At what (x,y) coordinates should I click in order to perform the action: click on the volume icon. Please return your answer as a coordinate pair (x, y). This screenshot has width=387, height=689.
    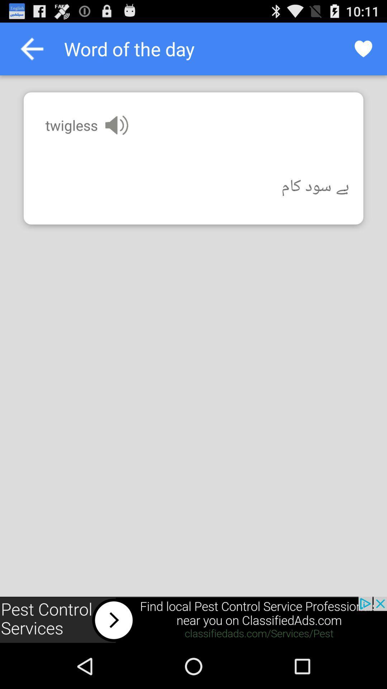
    Looking at the image, I should click on (116, 134).